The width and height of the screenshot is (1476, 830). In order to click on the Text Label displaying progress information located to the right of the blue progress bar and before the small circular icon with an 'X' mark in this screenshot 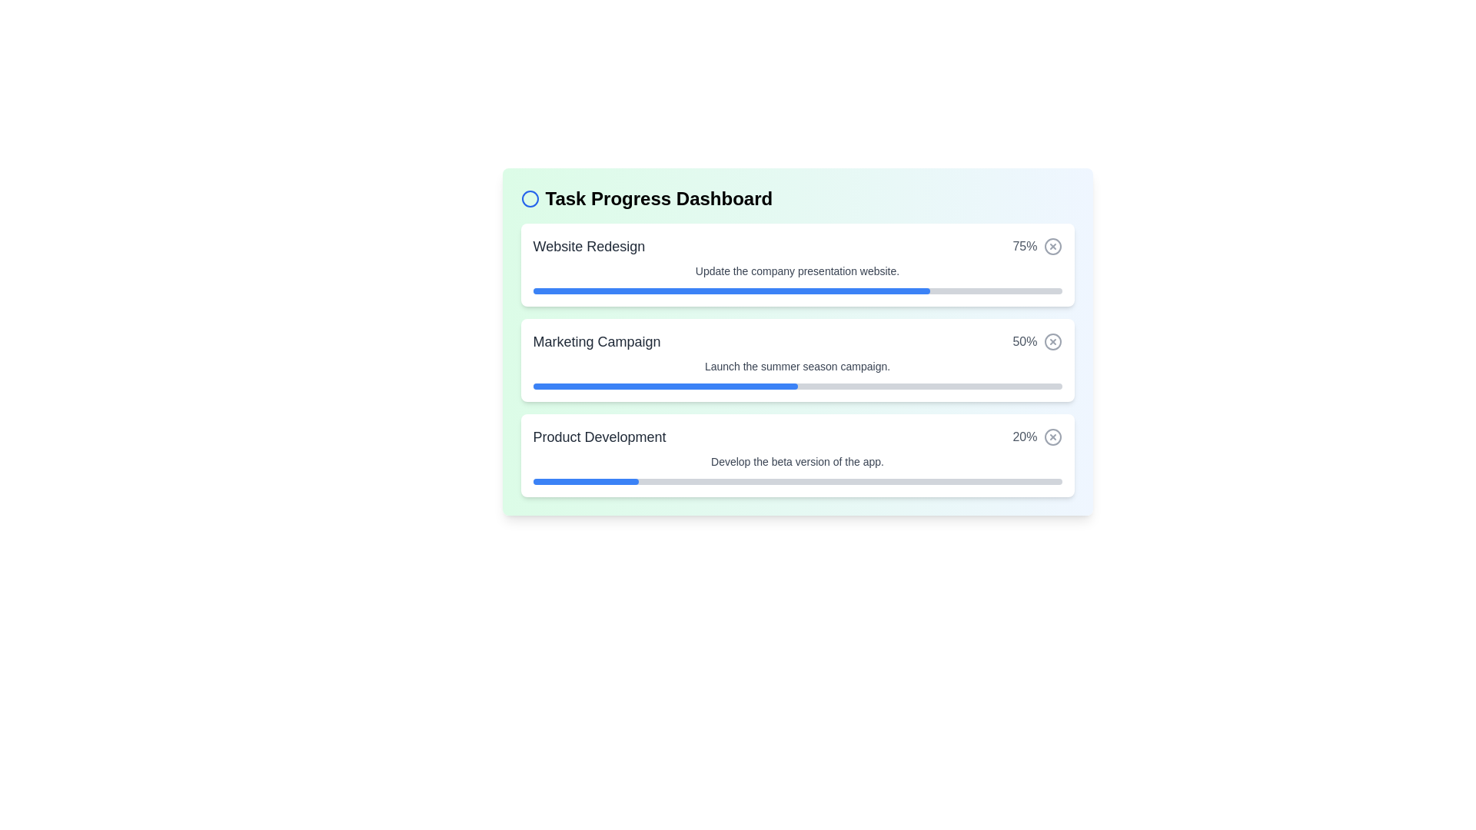, I will do `click(1025, 340)`.